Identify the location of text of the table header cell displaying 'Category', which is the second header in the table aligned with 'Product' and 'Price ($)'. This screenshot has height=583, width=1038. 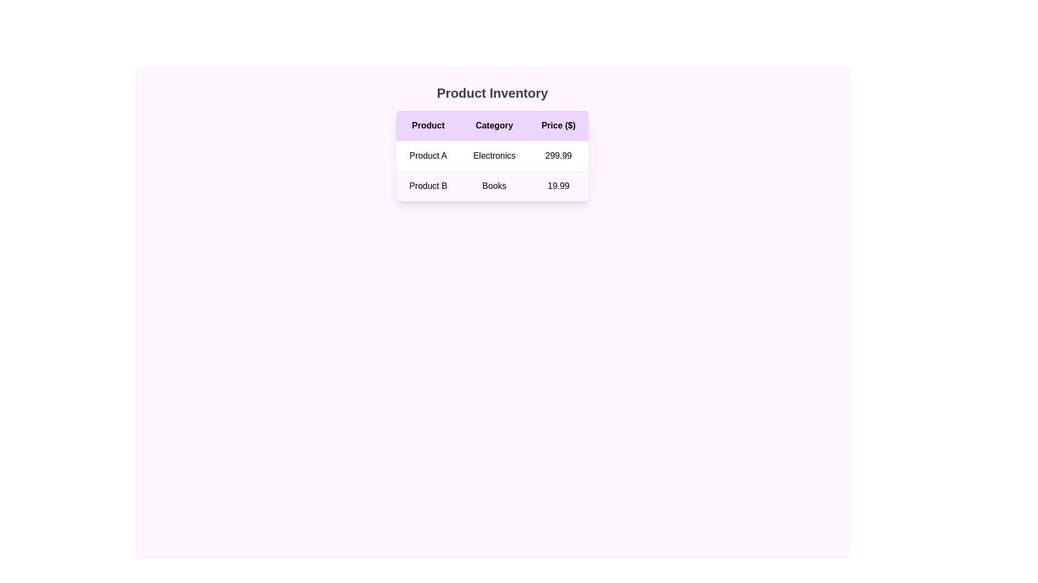
(492, 125).